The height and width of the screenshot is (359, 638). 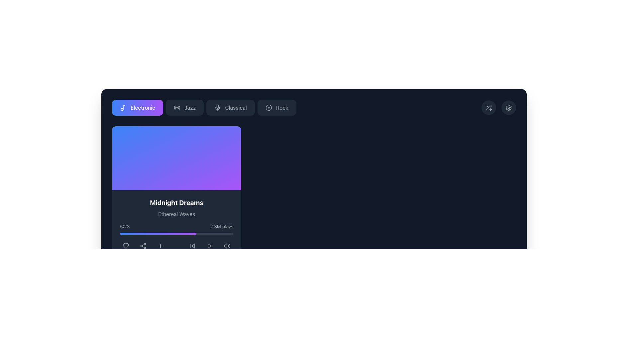 What do you see at coordinates (210, 246) in the screenshot?
I see `the 'Skip Forward' button located in the control bar, which is the second icon from the left` at bounding box center [210, 246].